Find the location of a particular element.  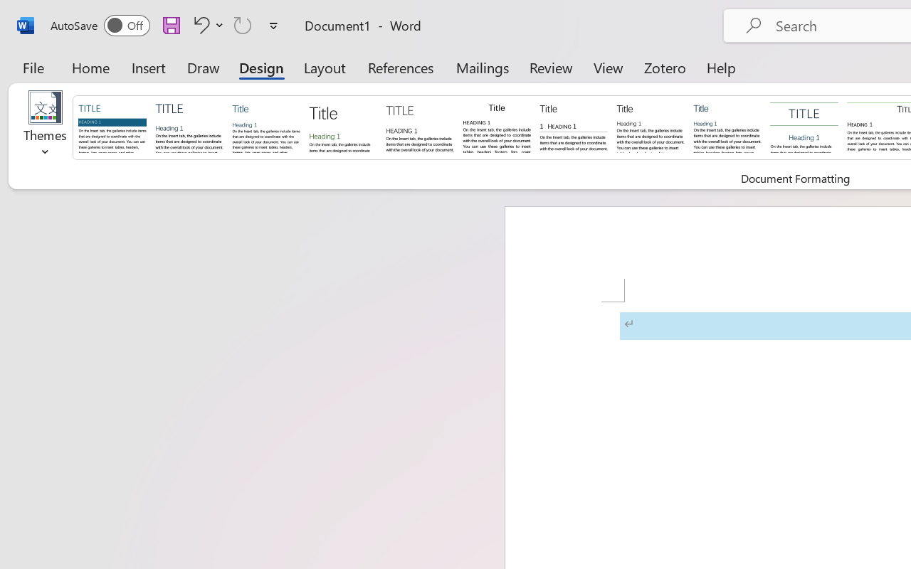

'Undo Apply Quick Style' is located at coordinates (206, 24).